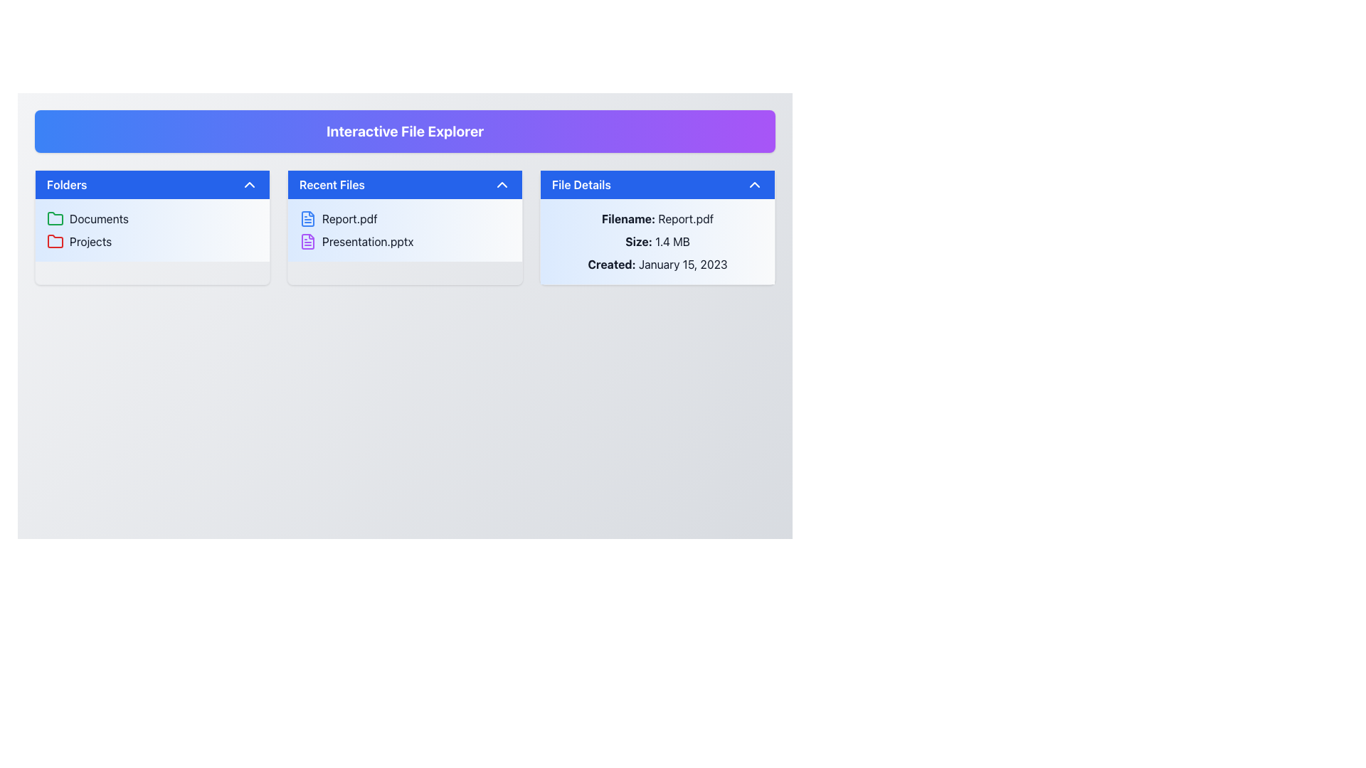  What do you see at coordinates (331, 183) in the screenshot?
I see `the Text Label indicating 'Recent Files', which serves as the title for recently accessed files and is positioned centrally in the middle section of its row, adjacent to the chevron icon` at bounding box center [331, 183].